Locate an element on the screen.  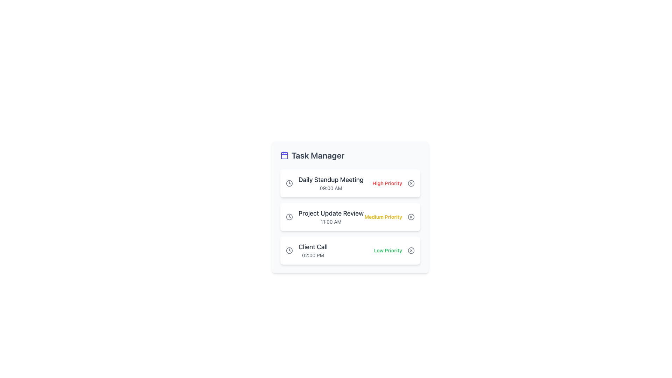
the title text label of the first task item in the task manager layout, which provides a summary of the task is located at coordinates (330, 179).